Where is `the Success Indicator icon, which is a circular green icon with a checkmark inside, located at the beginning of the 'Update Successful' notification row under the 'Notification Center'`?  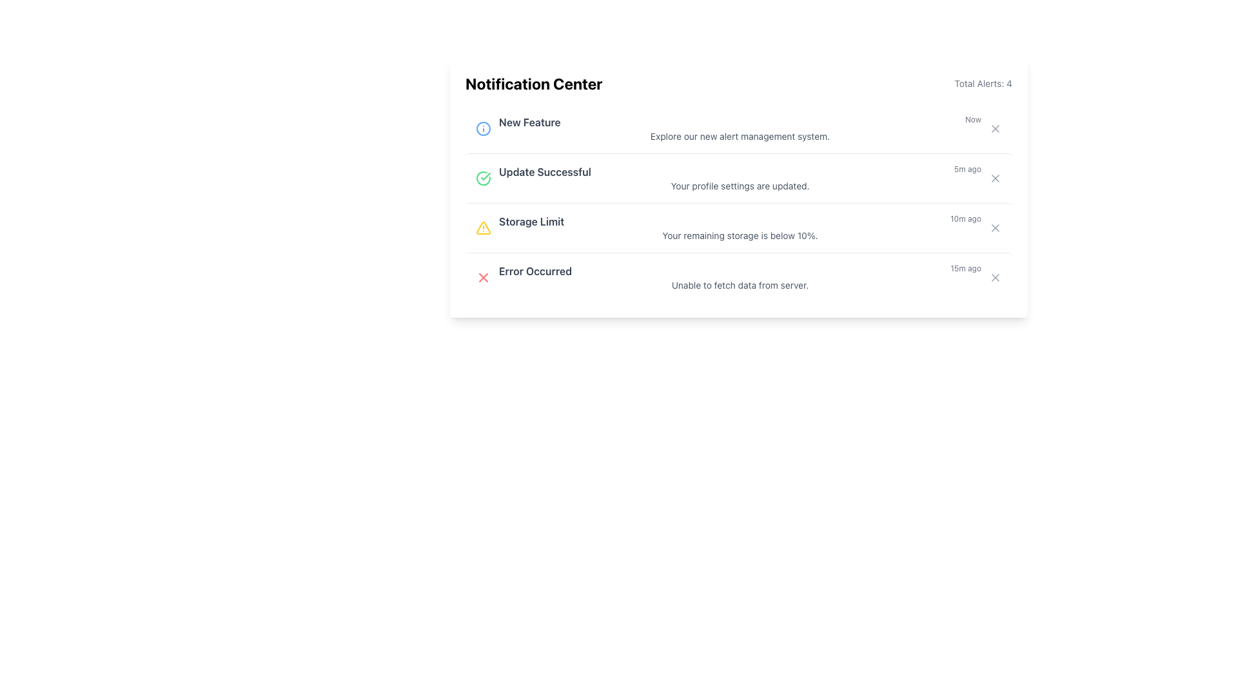 the Success Indicator icon, which is a circular green icon with a checkmark inside, located at the beginning of the 'Update Successful' notification row under the 'Notification Center' is located at coordinates (482, 179).